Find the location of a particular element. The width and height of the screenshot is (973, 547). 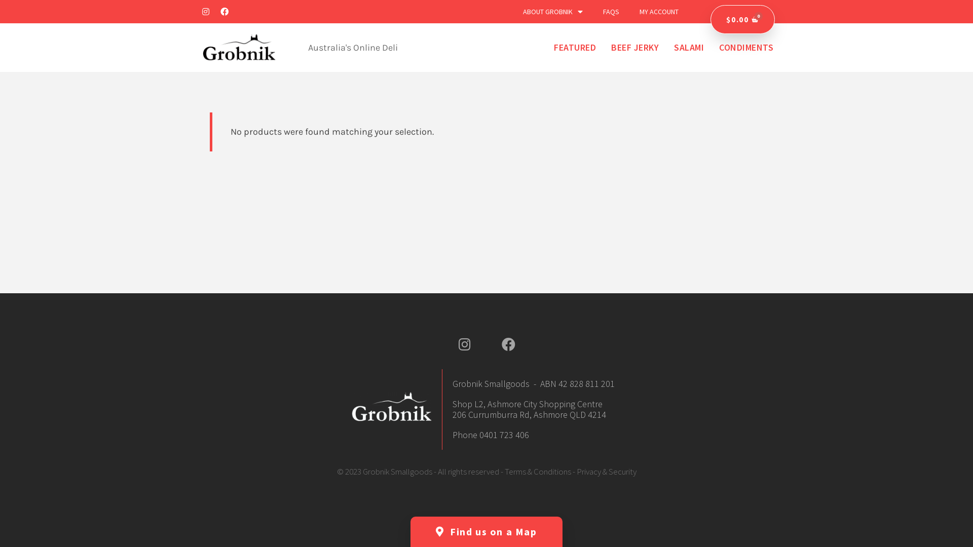

'FEATURED' is located at coordinates (575, 47).